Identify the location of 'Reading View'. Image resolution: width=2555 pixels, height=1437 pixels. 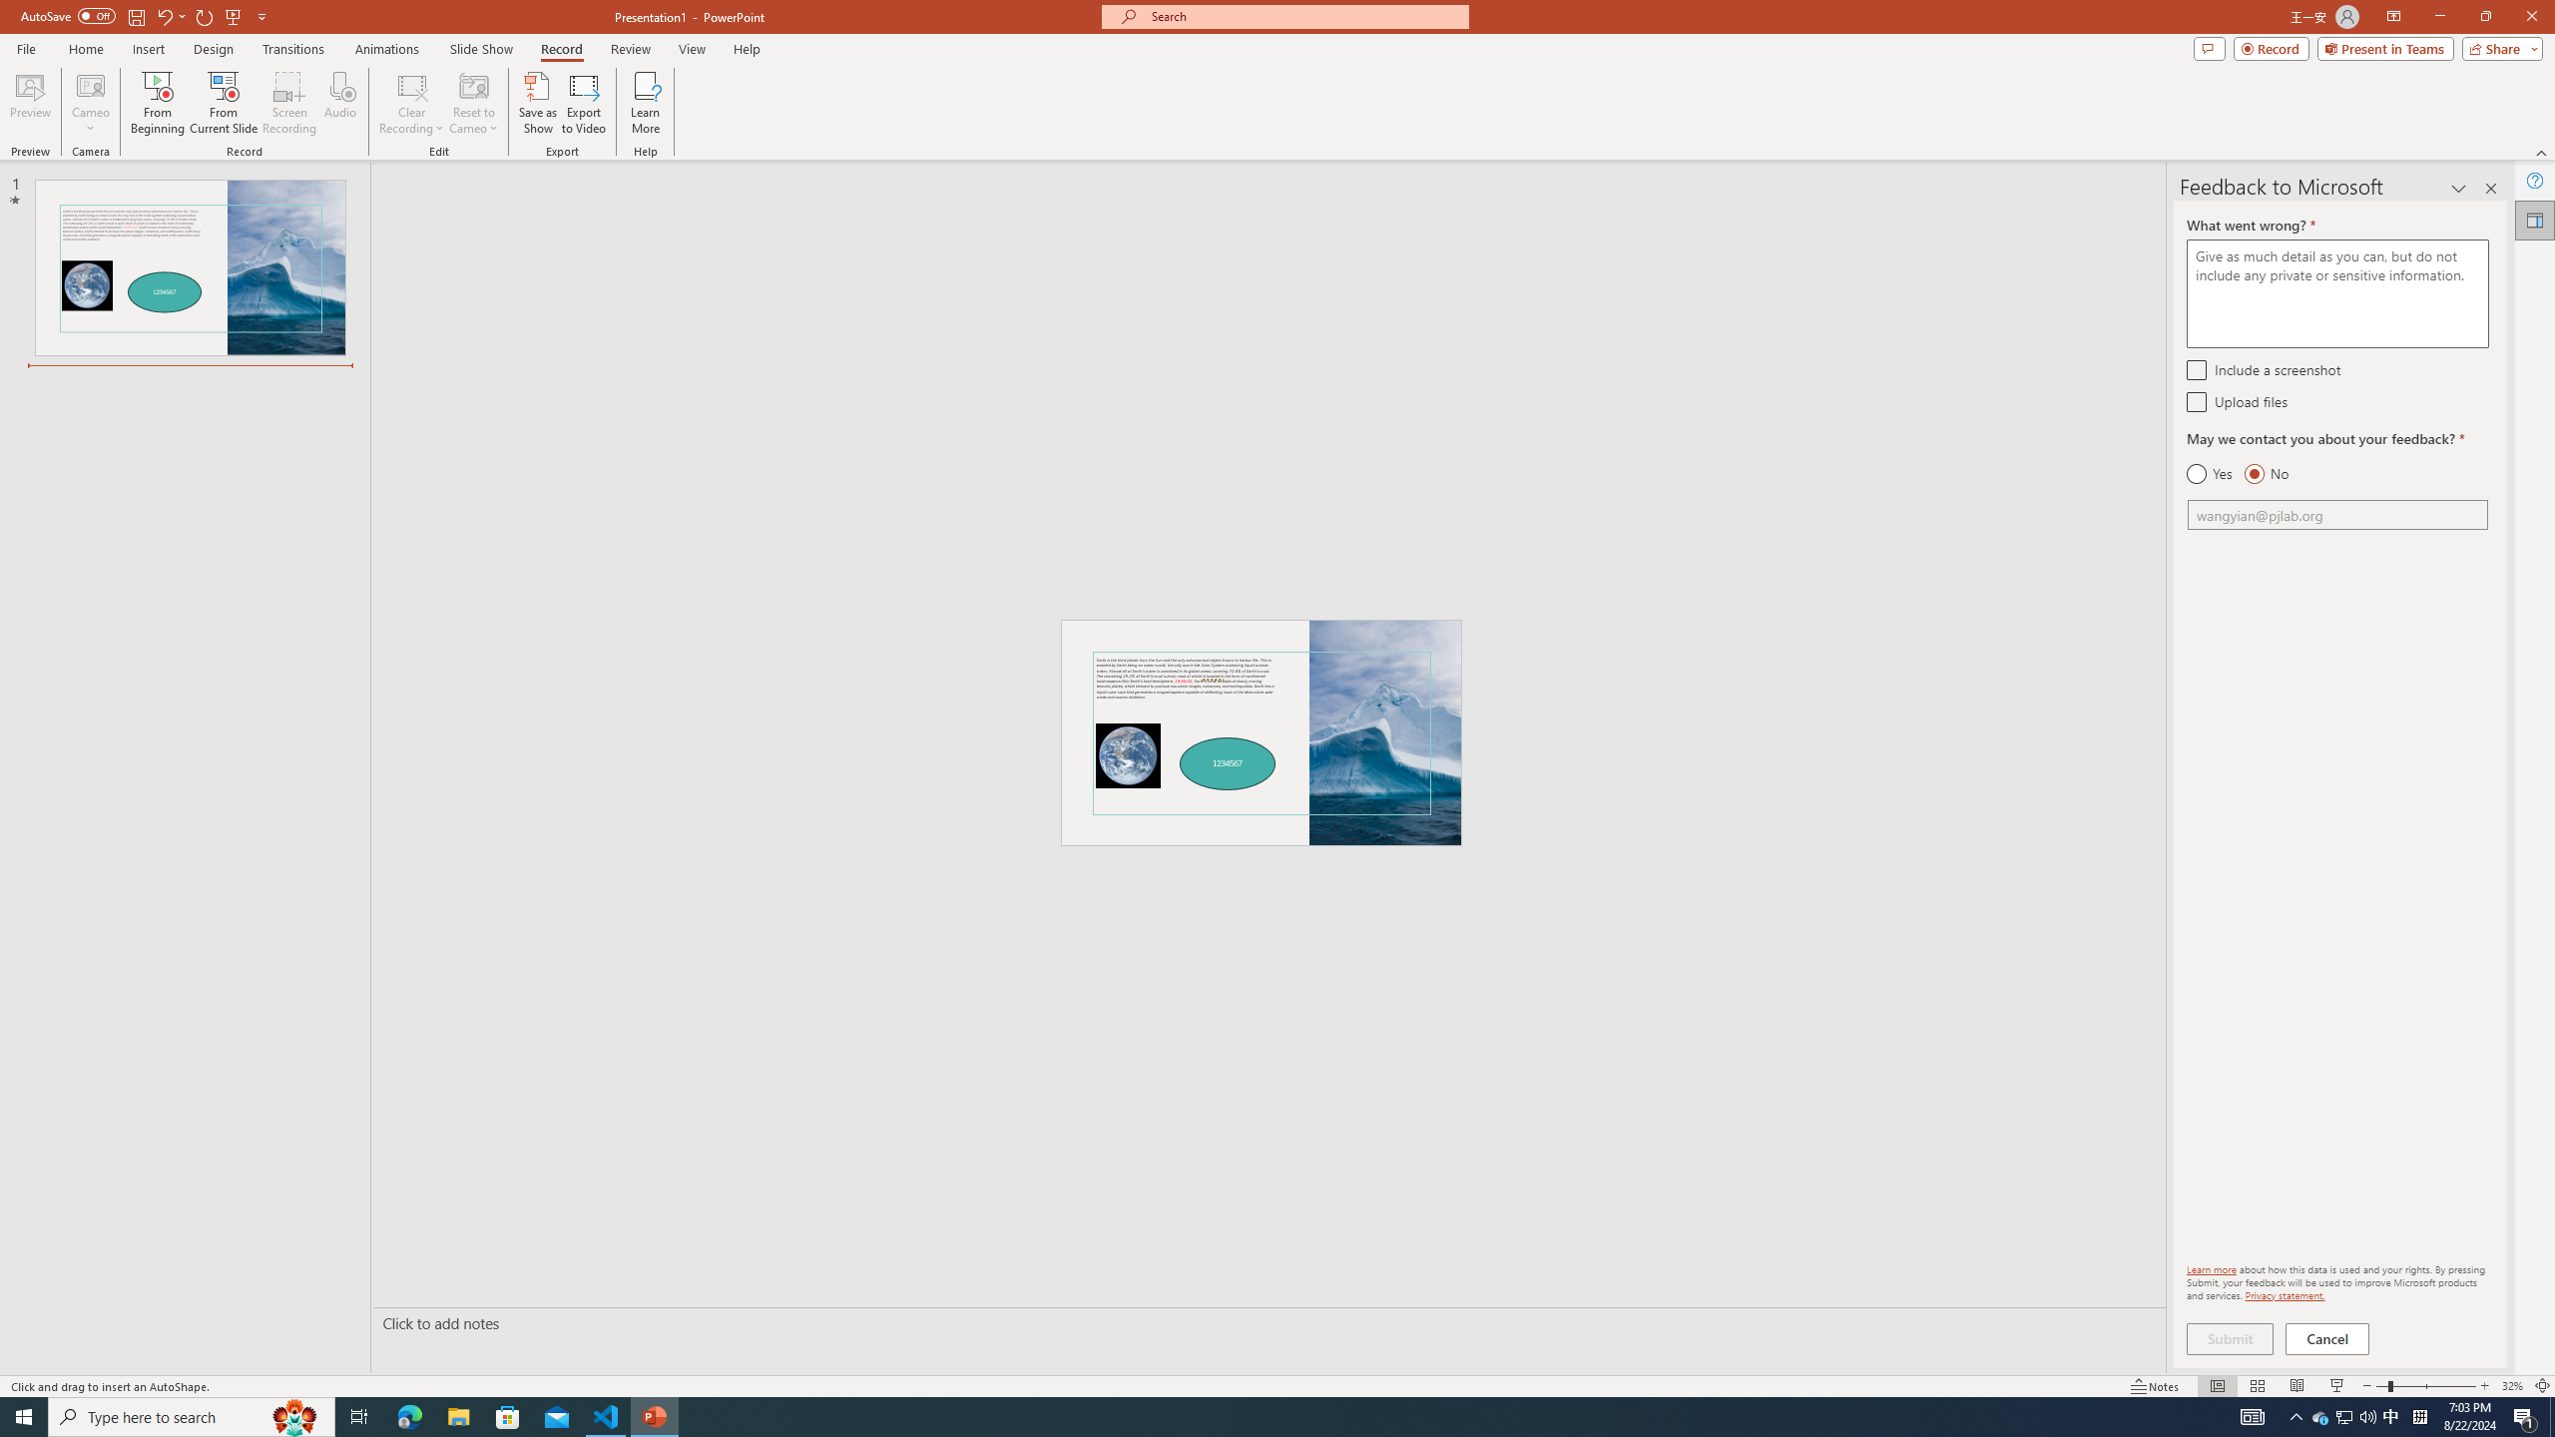
(2296, 1386).